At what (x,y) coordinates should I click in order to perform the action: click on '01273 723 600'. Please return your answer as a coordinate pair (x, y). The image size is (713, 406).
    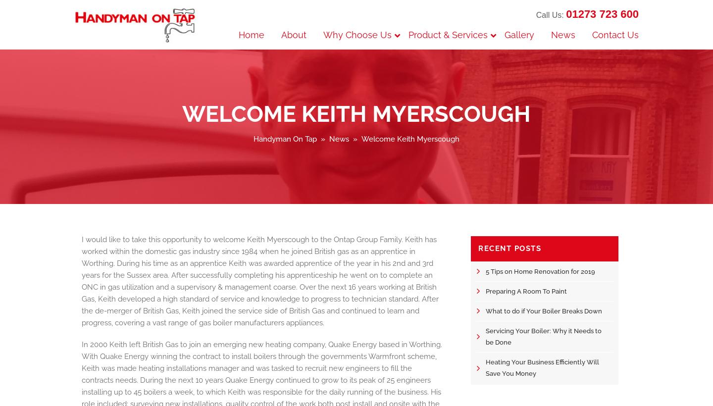
    Looking at the image, I should click on (602, 13).